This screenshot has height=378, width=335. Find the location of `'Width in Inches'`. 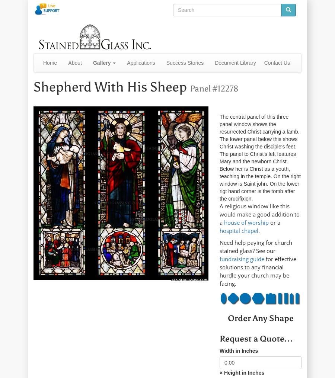

'Width in Inches' is located at coordinates (239, 350).